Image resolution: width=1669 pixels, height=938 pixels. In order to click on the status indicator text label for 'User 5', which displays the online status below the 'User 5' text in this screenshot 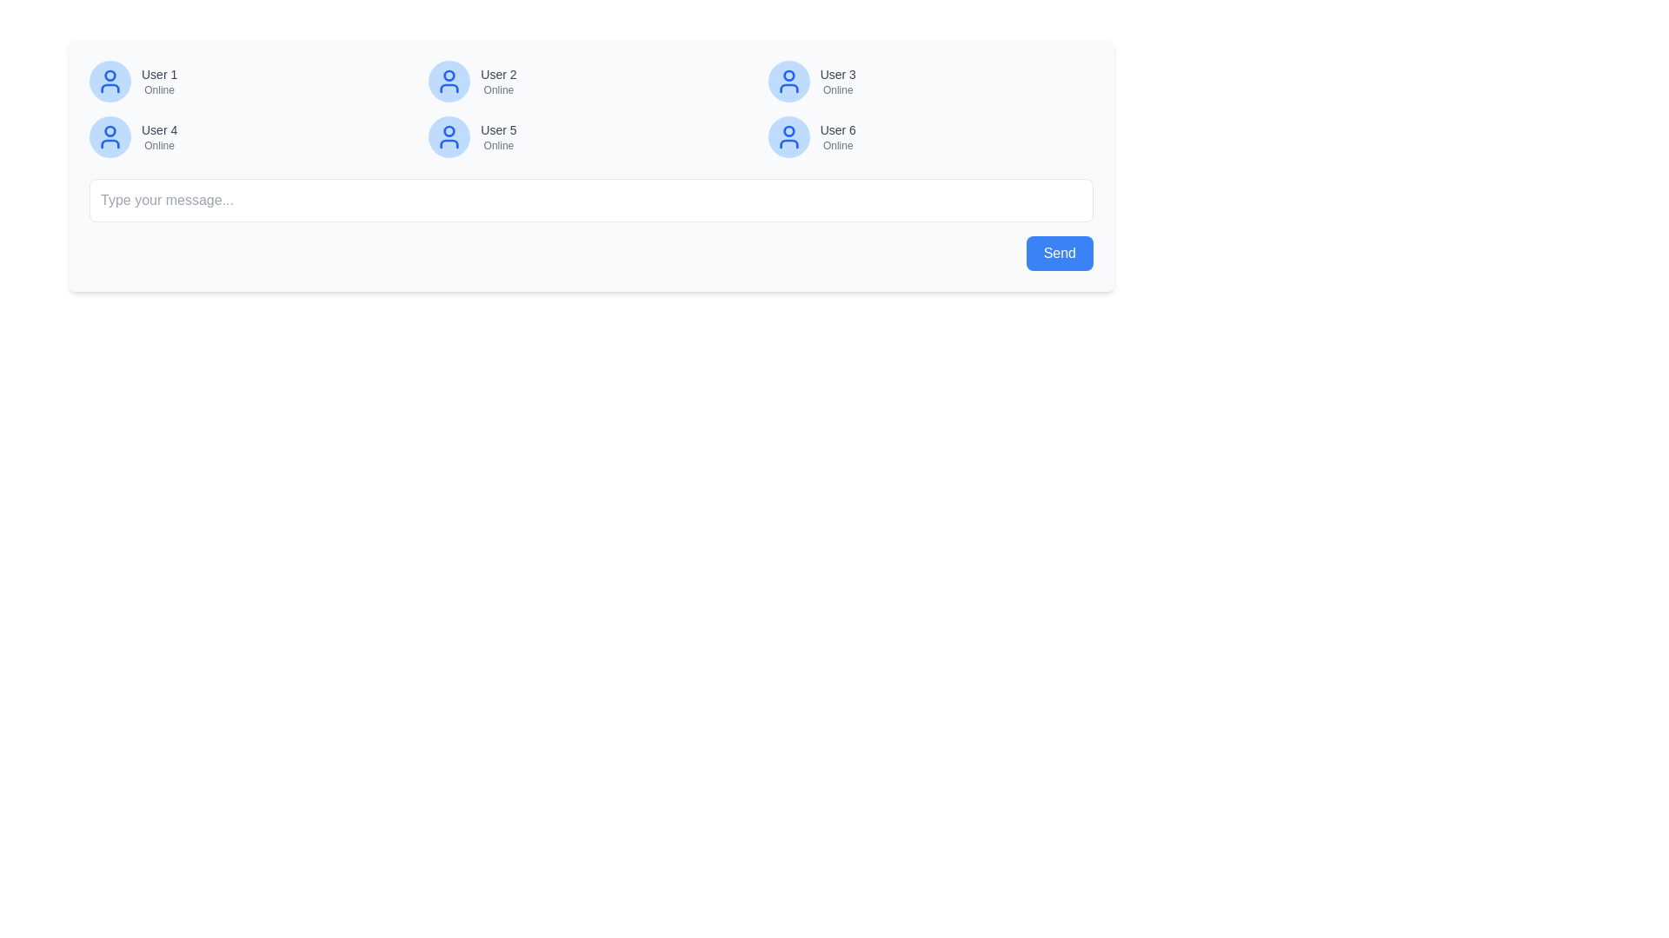, I will do `click(497, 145)`.